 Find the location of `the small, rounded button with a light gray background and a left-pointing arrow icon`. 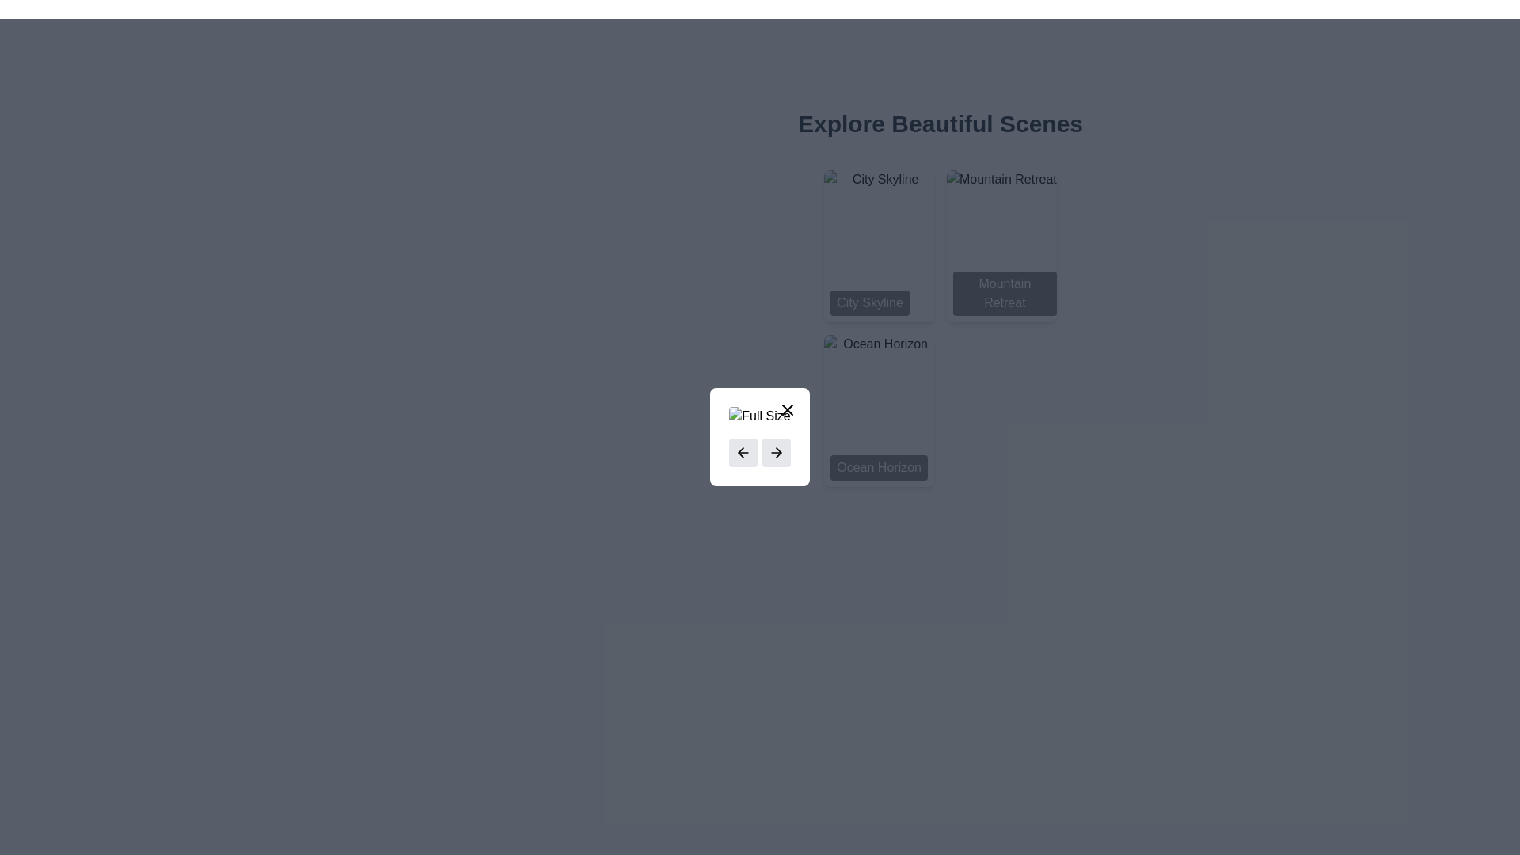

the small, rounded button with a light gray background and a left-pointing arrow icon is located at coordinates (743, 452).